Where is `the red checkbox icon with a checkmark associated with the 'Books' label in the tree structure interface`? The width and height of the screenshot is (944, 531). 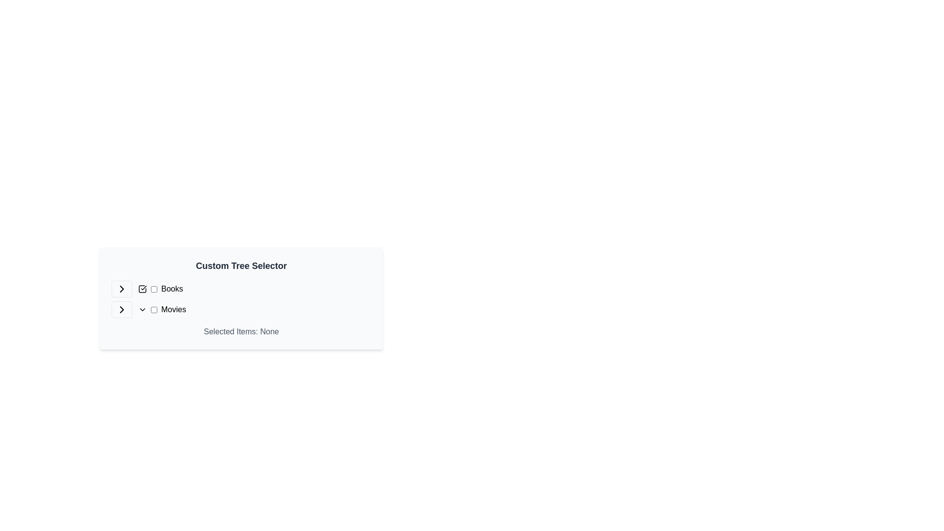
the red checkbox icon with a checkmark associated with the 'Books' label in the tree structure interface is located at coordinates (142, 288).